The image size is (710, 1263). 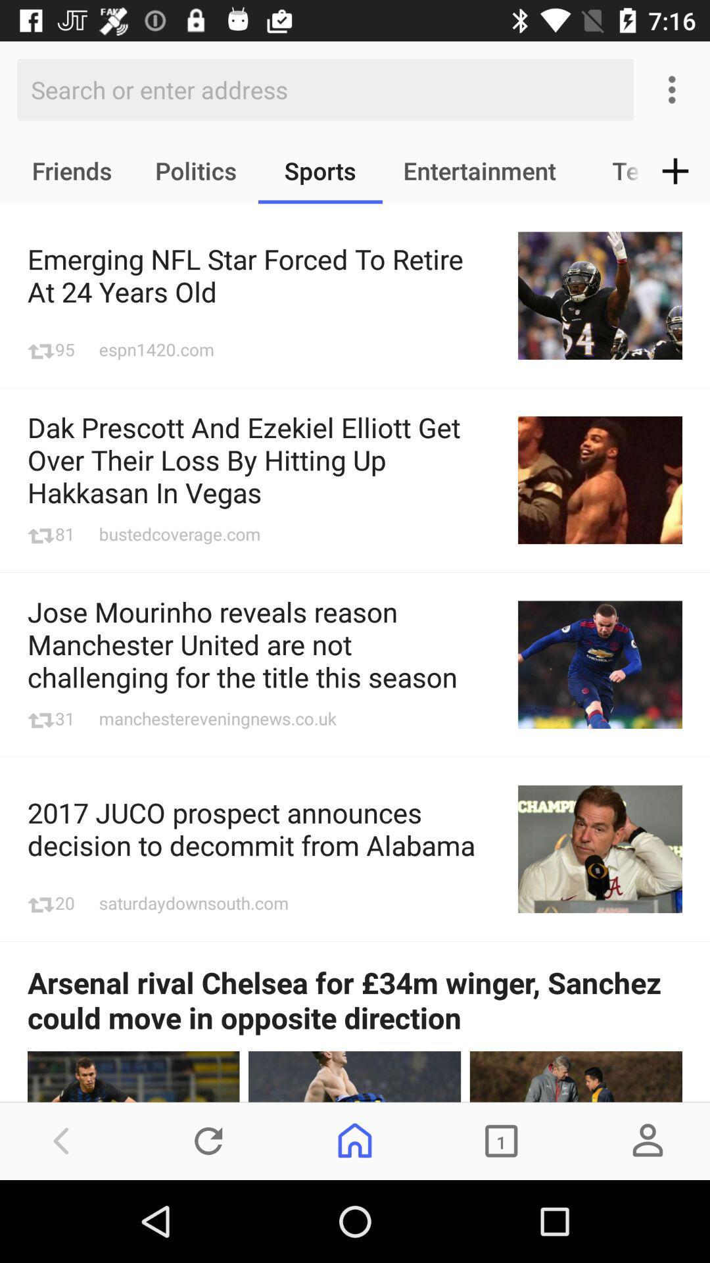 I want to click on the avatar icon, so click(x=647, y=1140).